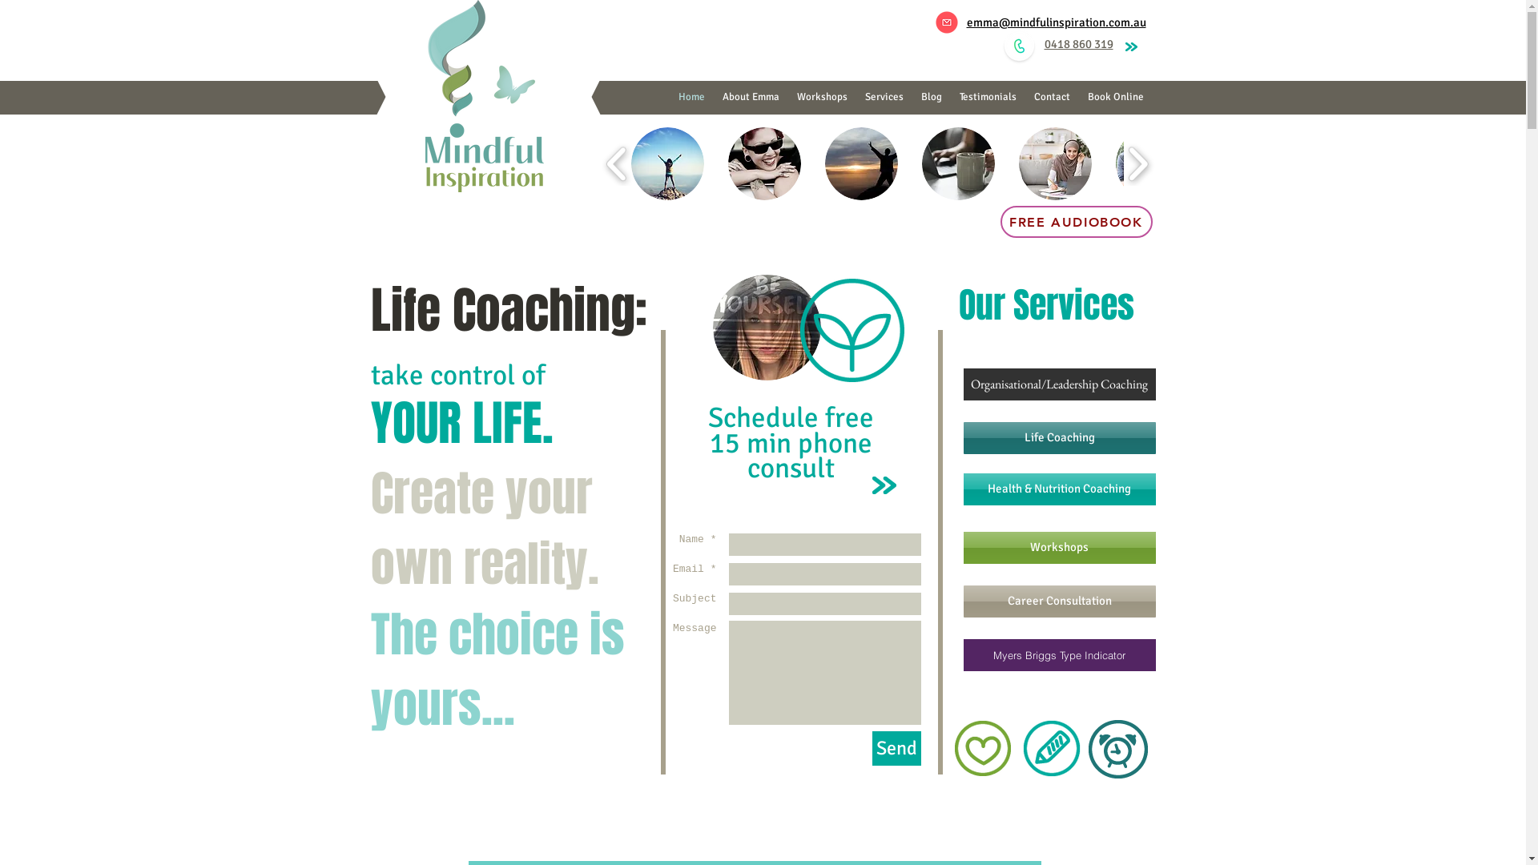 This screenshot has height=865, width=1538. What do you see at coordinates (1058, 654) in the screenshot?
I see `'Myers Briggs Type Indicator'` at bounding box center [1058, 654].